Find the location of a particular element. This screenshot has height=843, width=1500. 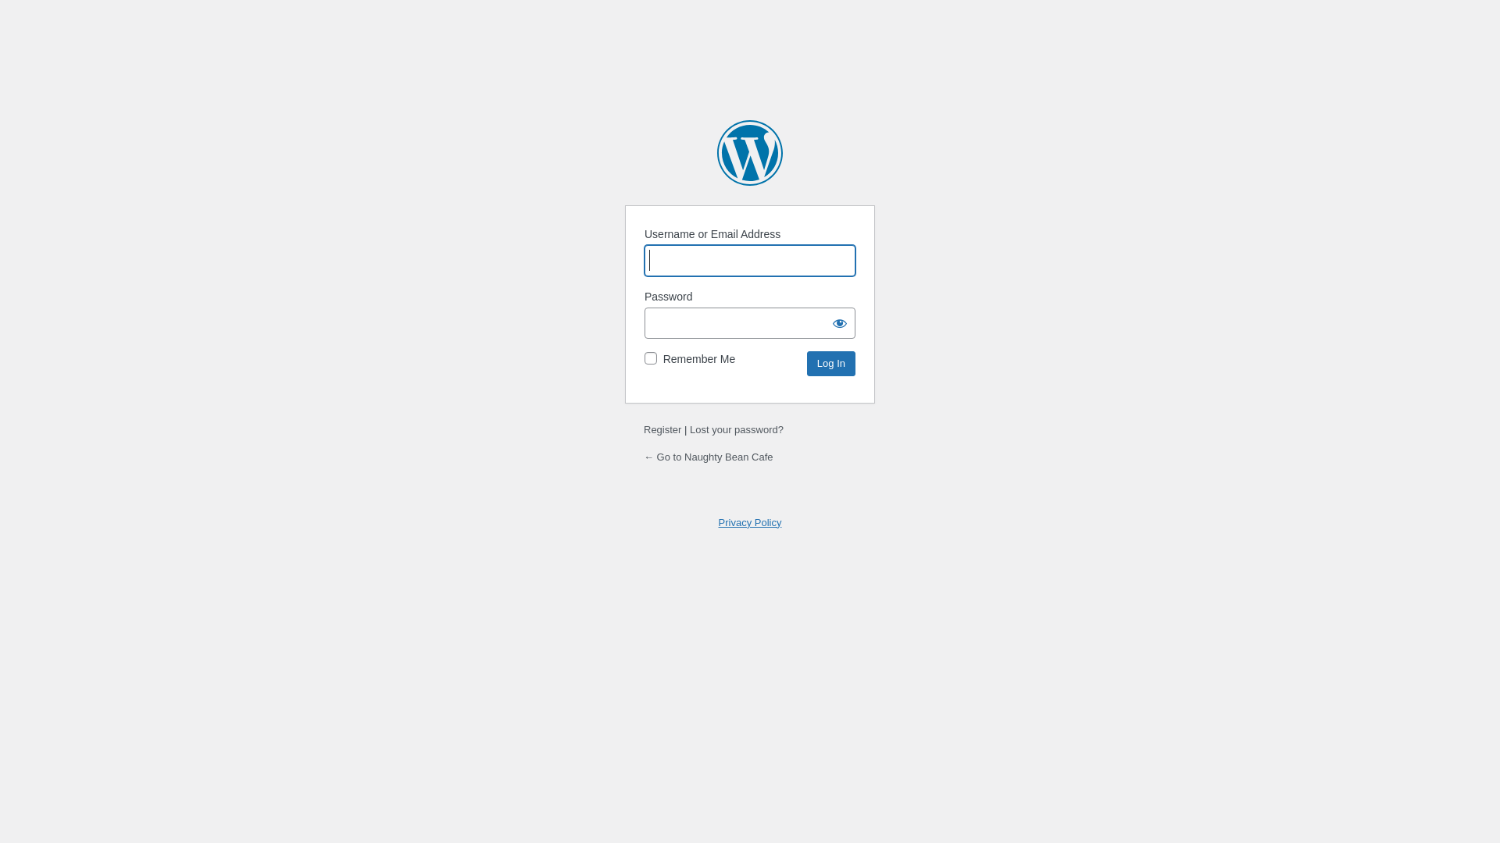

'Lost your password?' is located at coordinates (735, 429).